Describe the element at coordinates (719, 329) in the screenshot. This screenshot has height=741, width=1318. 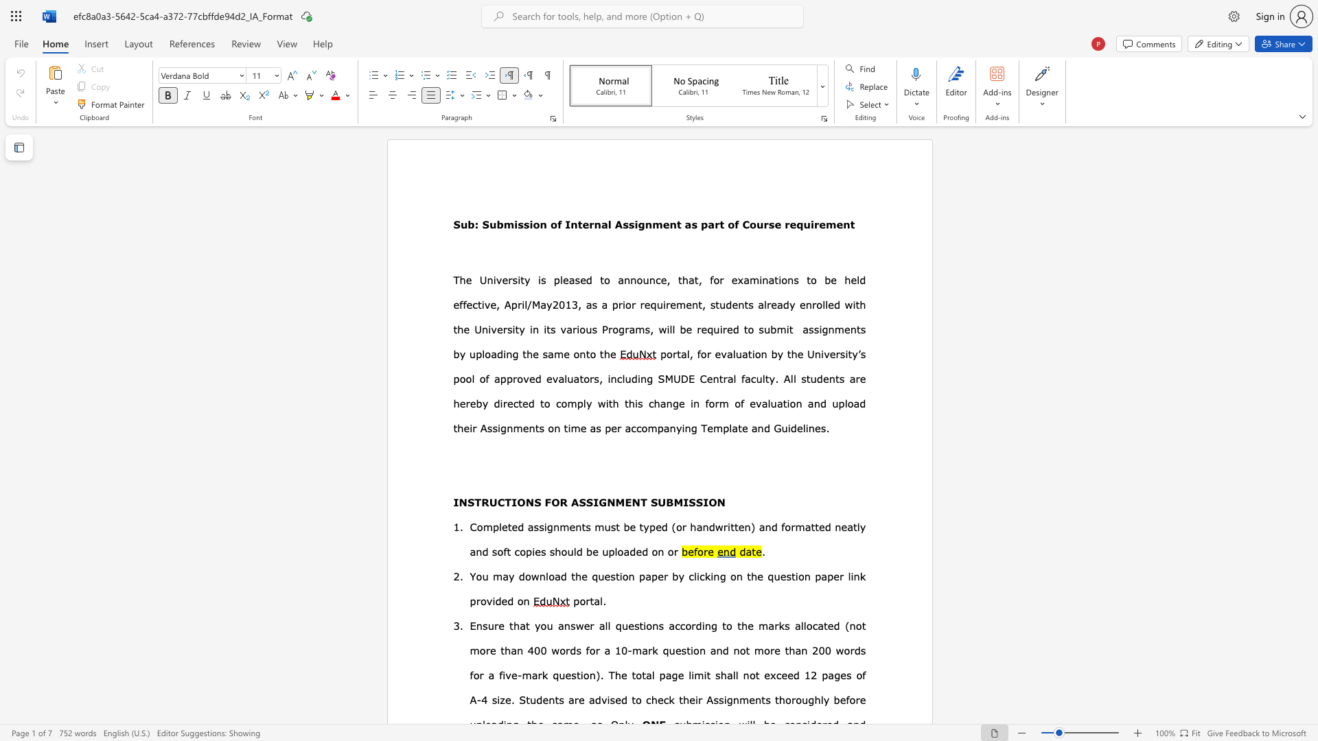
I see `the subset text "ired t" within the text "will be required to"` at that location.